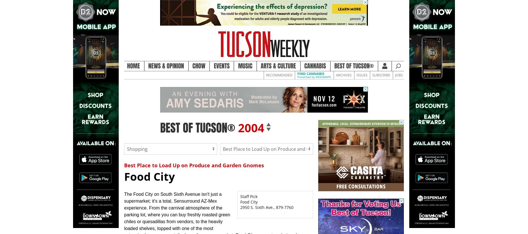  I want to click on 'Issues', so click(361, 75).